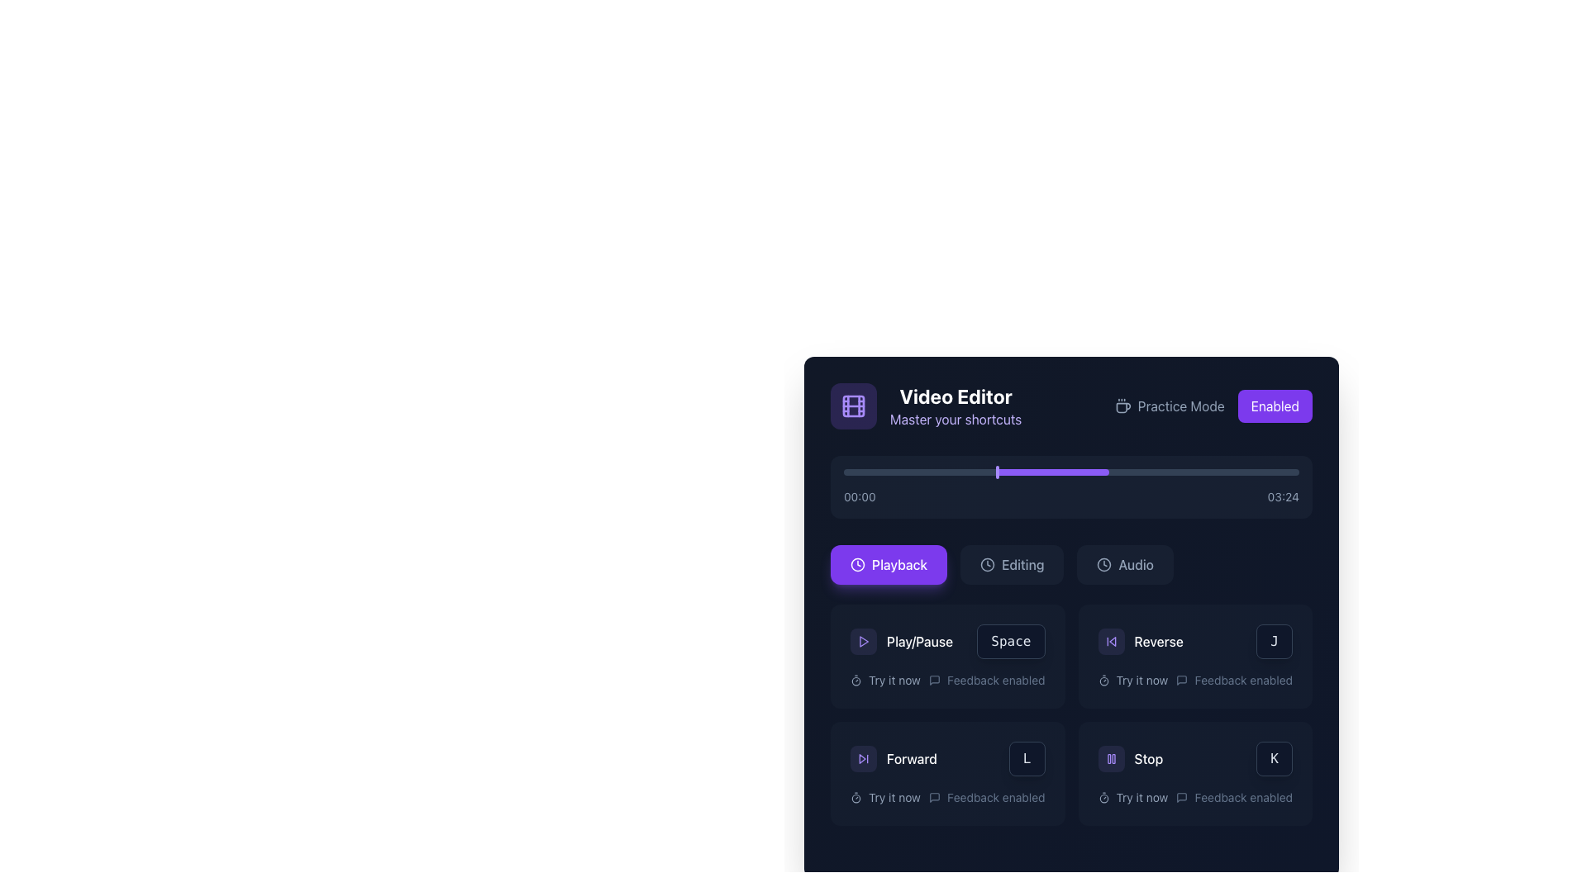 The width and height of the screenshot is (1587, 892). I want to click on the visually distinct rounded purple progress marker located slightly above the horizontal progress bar, so click(996, 472).